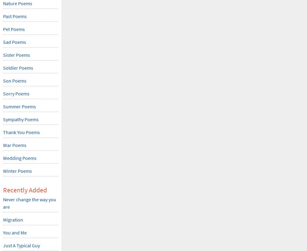 The height and width of the screenshot is (251, 307). Describe the element at coordinates (3, 245) in the screenshot. I see `'Just A Typical Guy'` at that location.